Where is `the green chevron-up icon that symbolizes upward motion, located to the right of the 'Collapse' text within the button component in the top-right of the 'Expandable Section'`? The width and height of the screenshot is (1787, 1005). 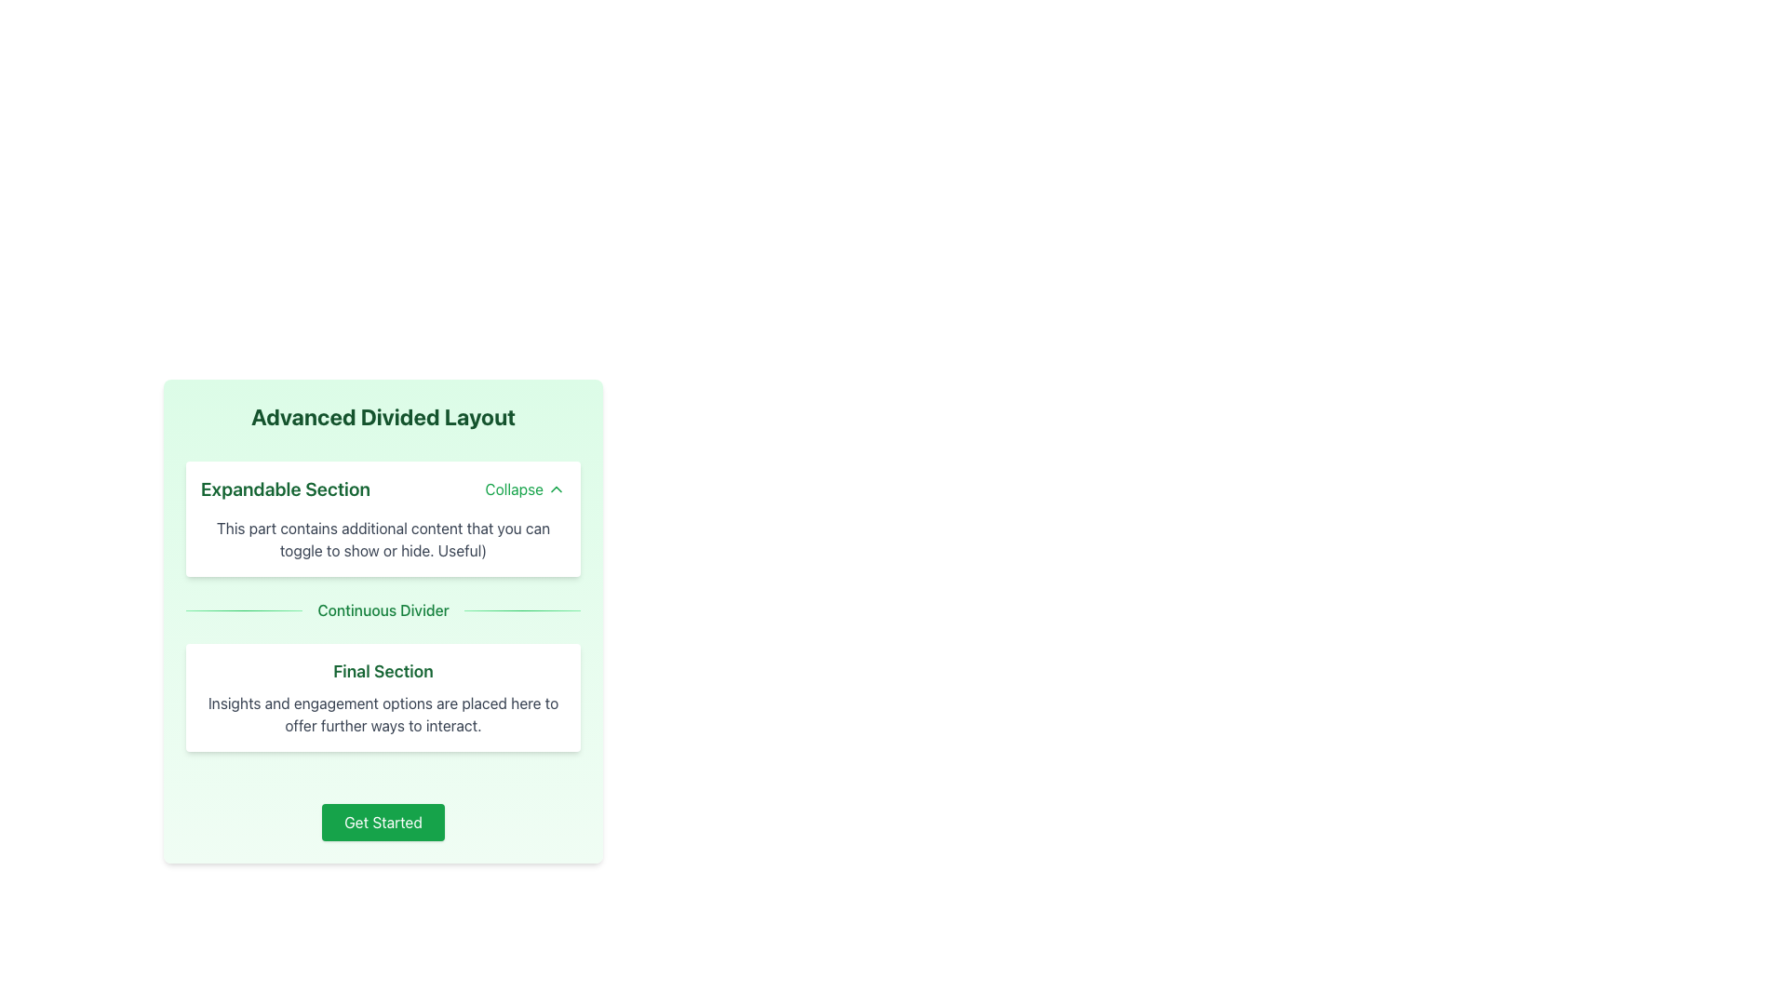 the green chevron-up icon that symbolizes upward motion, located to the right of the 'Collapse' text within the button component in the top-right of the 'Expandable Section' is located at coordinates (556, 488).